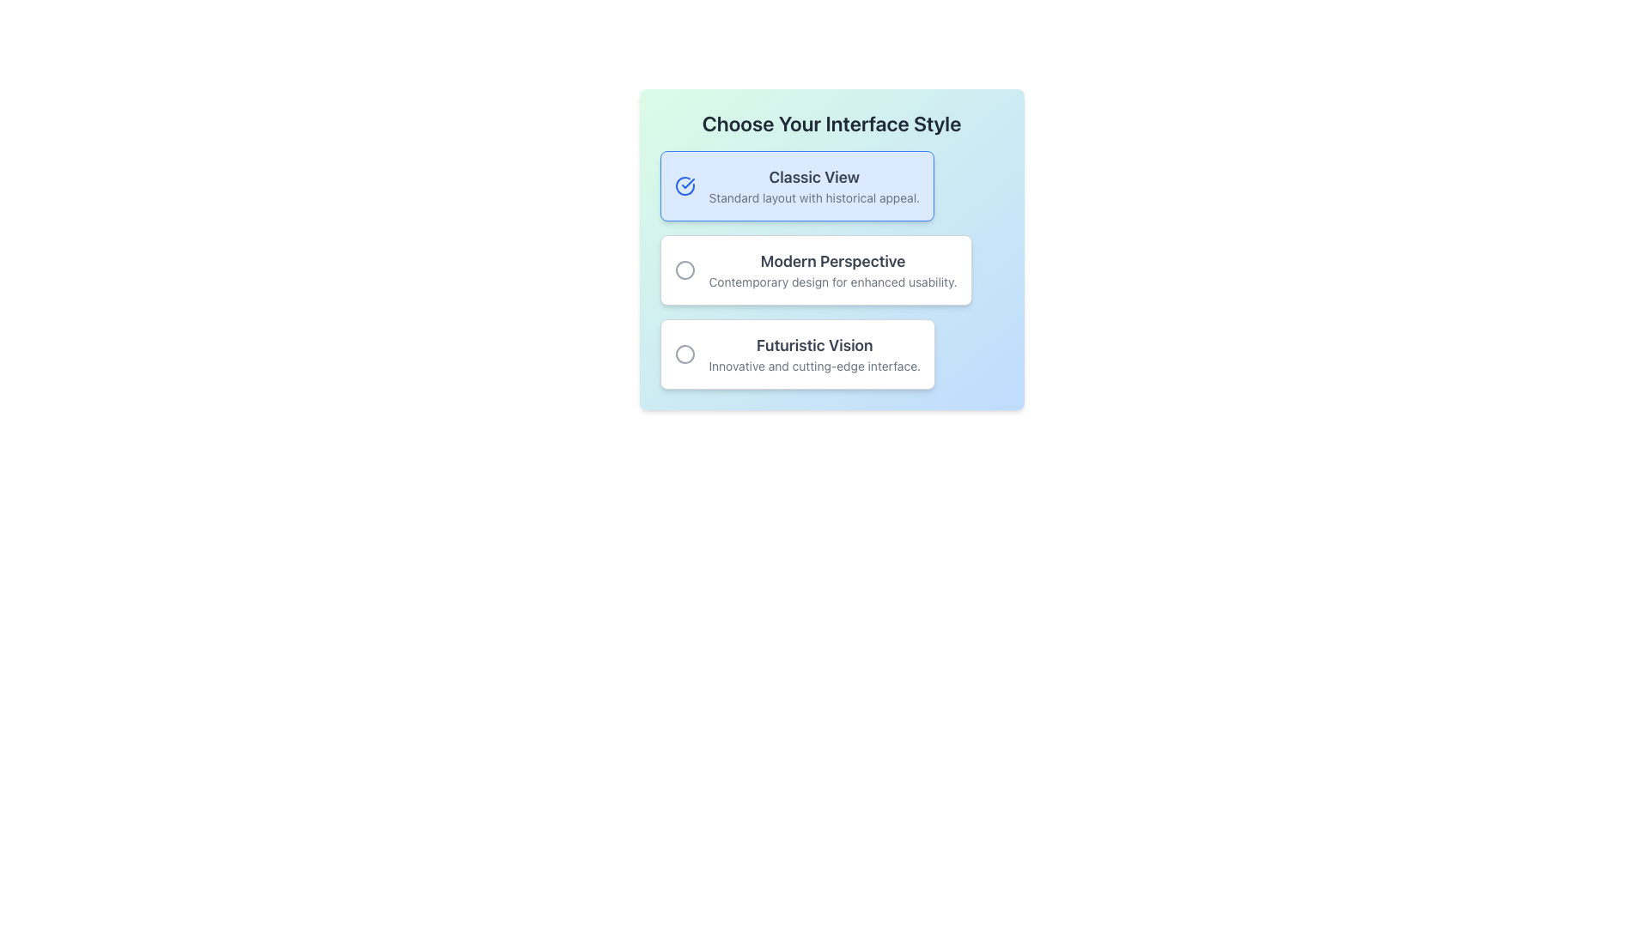  What do you see at coordinates (831, 249) in the screenshot?
I see `the 'Modern Perspective' radio button option, which is the second selectable option under 'Choose Your Interface Style'` at bounding box center [831, 249].